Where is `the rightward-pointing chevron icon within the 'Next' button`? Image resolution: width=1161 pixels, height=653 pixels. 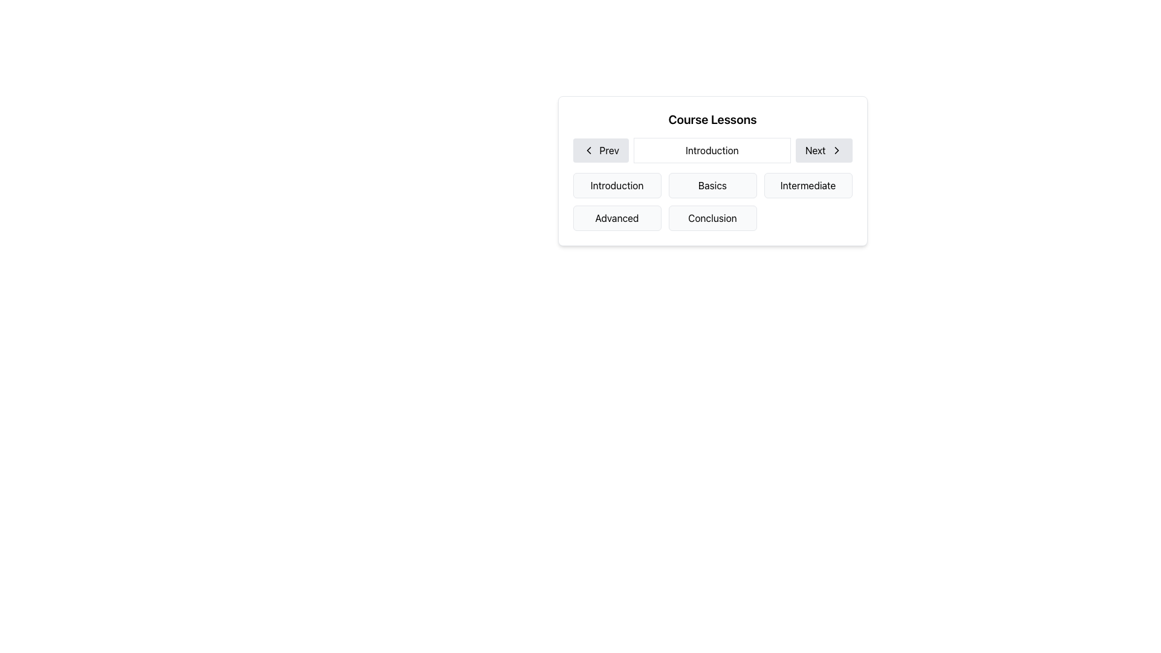
the rightward-pointing chevron icon within the 'Next' button is located at coordinates (836, 150).